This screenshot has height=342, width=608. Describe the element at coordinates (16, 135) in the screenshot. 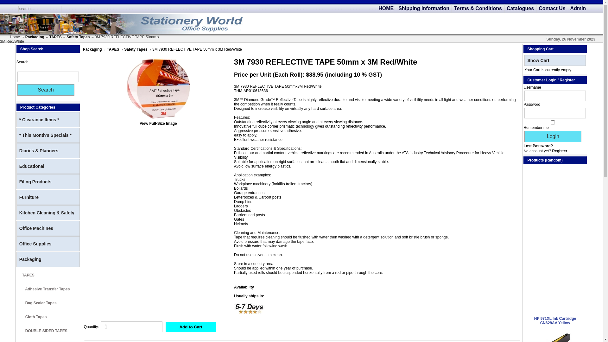

I see `'* This Month's Specials *'` at that location.